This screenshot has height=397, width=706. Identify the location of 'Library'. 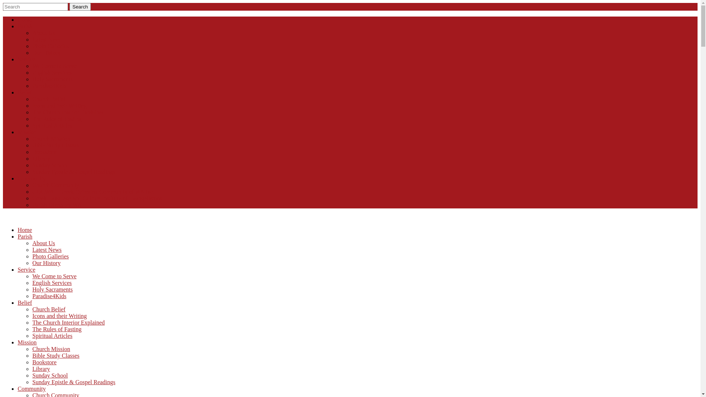
(32, 369).